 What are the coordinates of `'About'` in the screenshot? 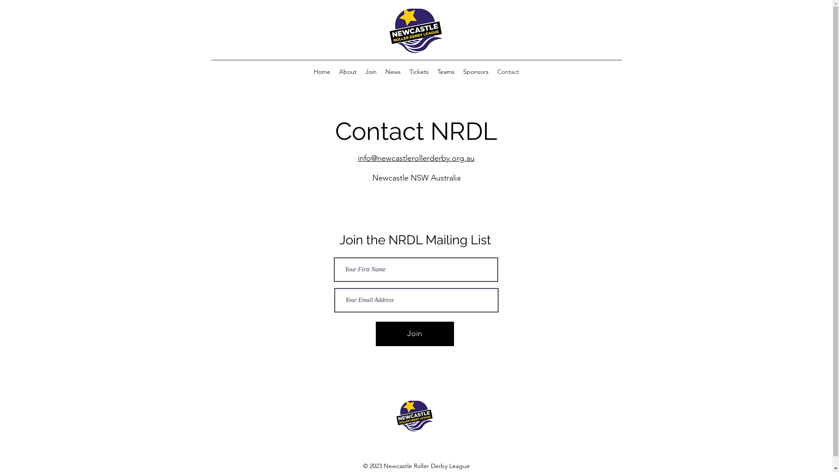 It's located at (347, 71).